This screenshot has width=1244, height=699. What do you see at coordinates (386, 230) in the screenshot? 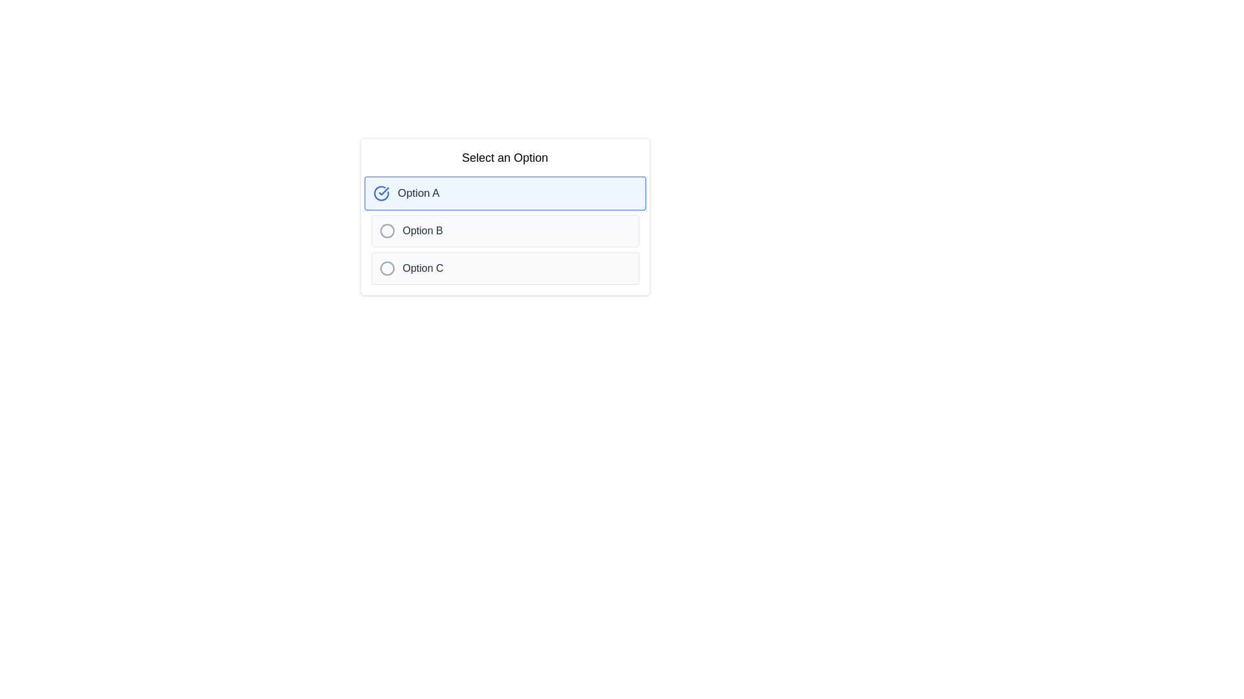
I see `the Radio button marker indicating the selection state for 'Option B', which is located horizontally to the left of the 'Option B' label` at bounding box center [386, 230].